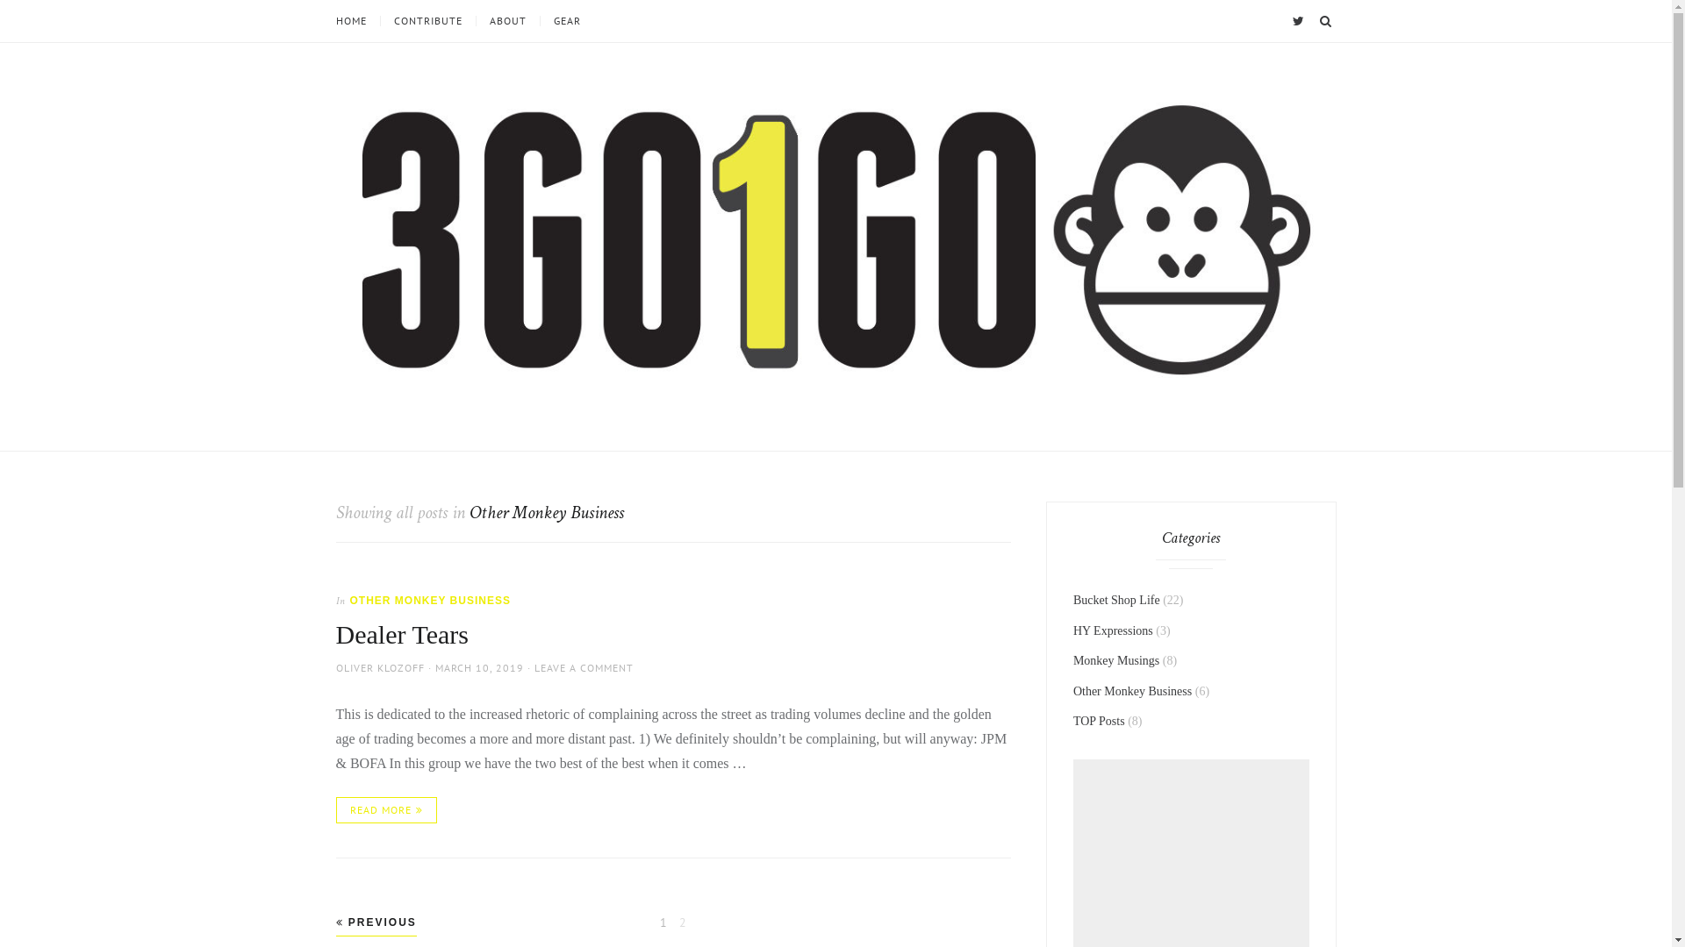 This screenshot has height=947, width=1685. Describe the element at coordinates (335, 634) in the screenshot. I see `'Dealer Tears'` at that location.